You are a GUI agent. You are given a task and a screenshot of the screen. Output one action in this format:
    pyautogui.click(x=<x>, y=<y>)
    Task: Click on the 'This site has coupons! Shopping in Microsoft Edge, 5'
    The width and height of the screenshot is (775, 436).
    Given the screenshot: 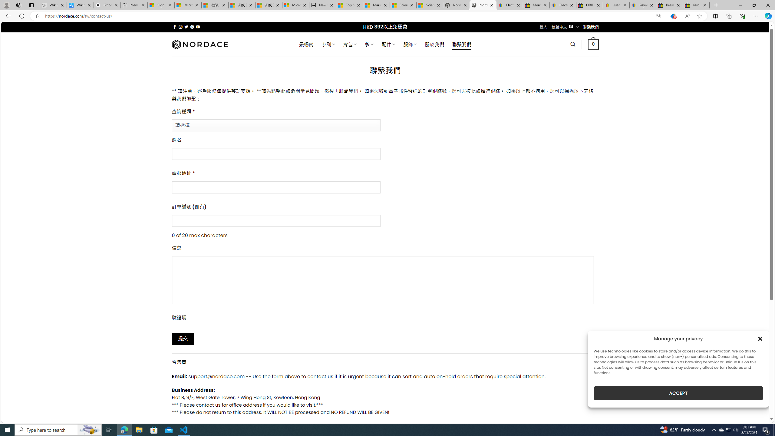 What is the action you would take?
    pyautogui.click(x=672, y=16)
    